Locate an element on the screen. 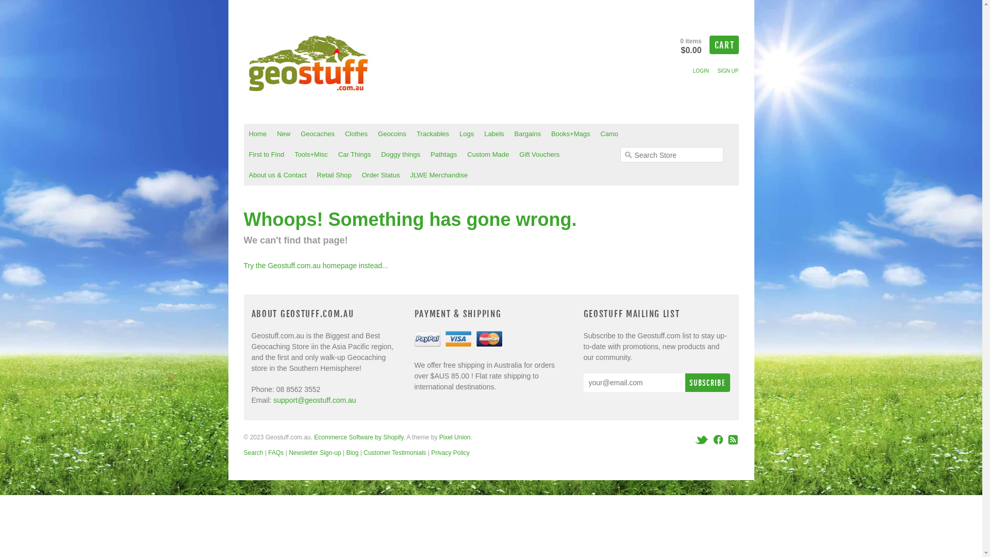 This screenshot has width=990, height=557. 'Home' is located at coordinates (257, 133).